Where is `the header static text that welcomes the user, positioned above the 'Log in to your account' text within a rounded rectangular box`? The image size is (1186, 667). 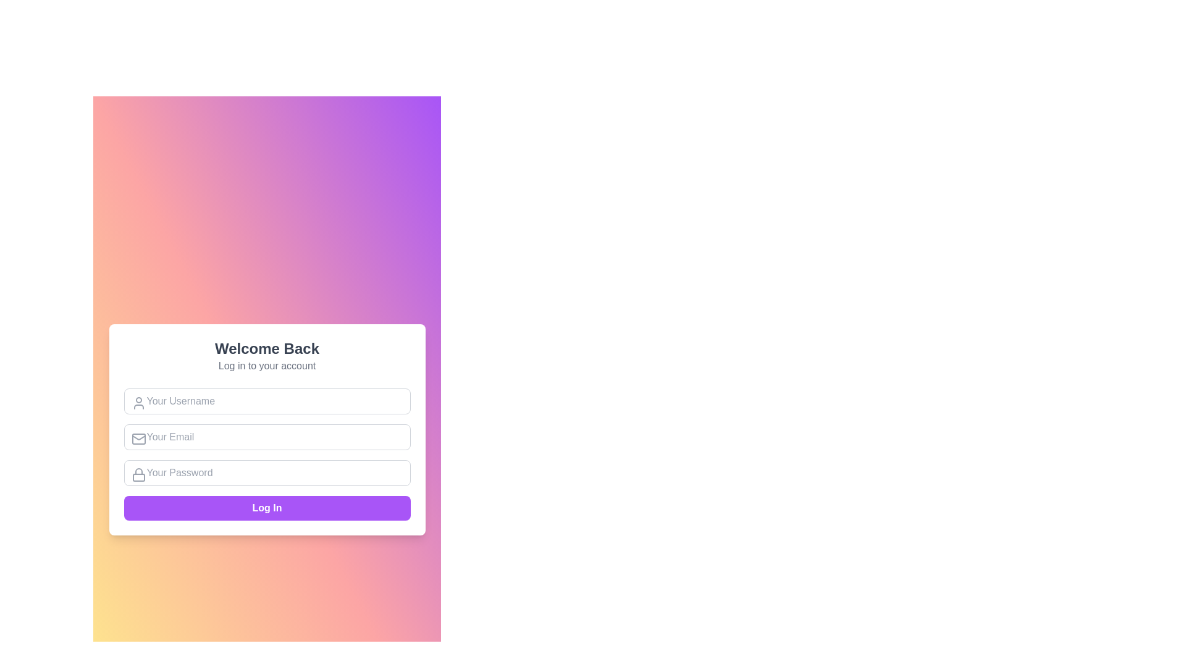
the header static text that welcomes the user, positioned above the 'Log in to your account' text within a rounded rectangular box is located at coordinates (266, 348).